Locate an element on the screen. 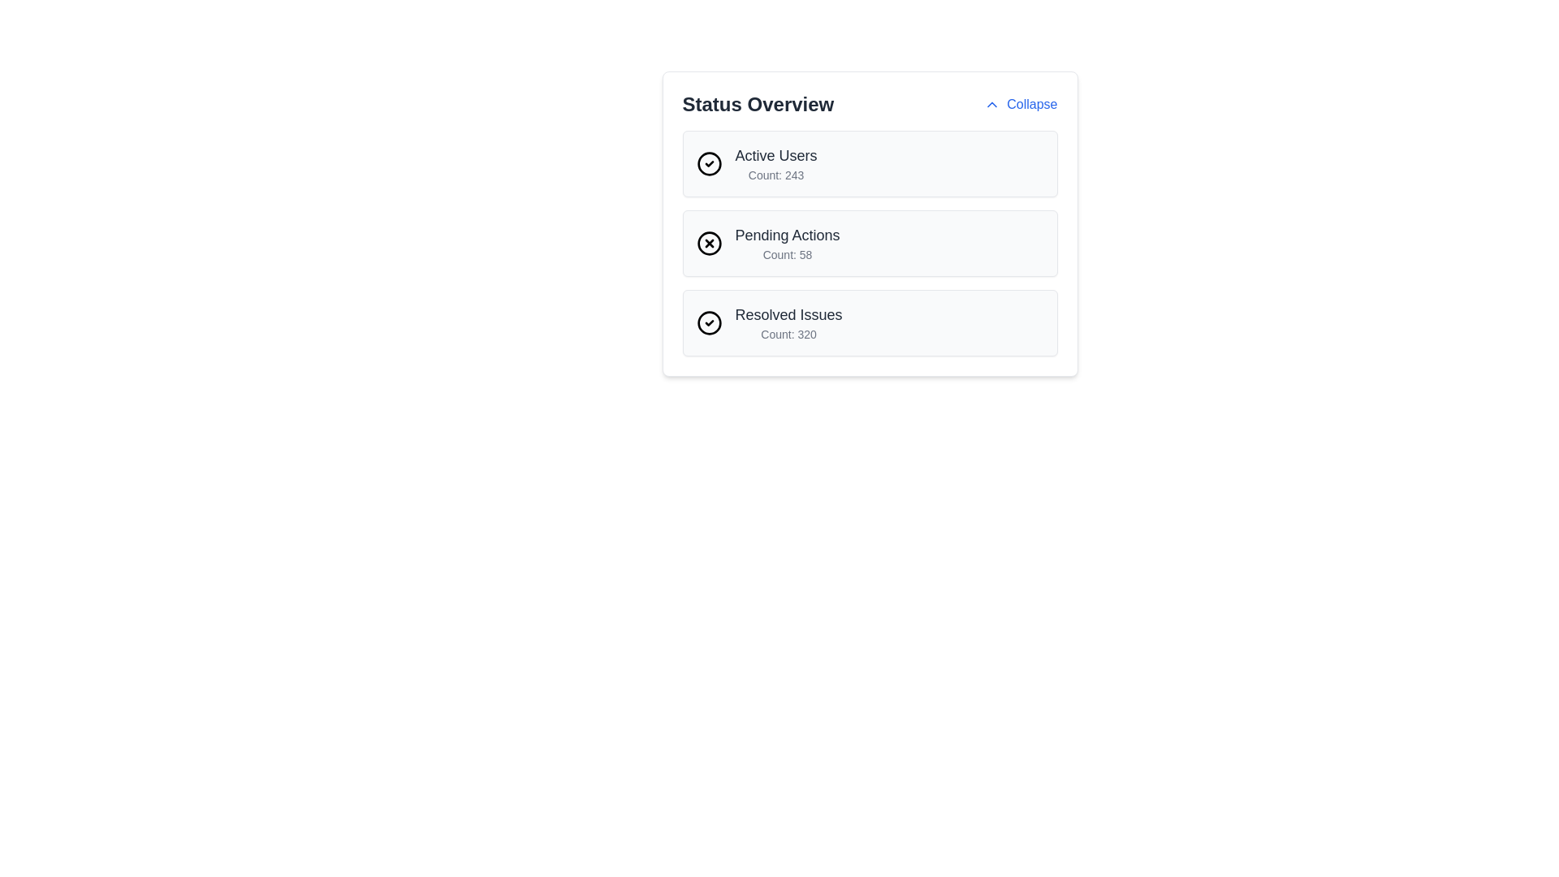 The image size is (1559, 877). the circular shape within the SVG icon that indicates resolution in the 'Resolved Issues' section of the 'Status Overview' panel is located at coordinates (709, 322).